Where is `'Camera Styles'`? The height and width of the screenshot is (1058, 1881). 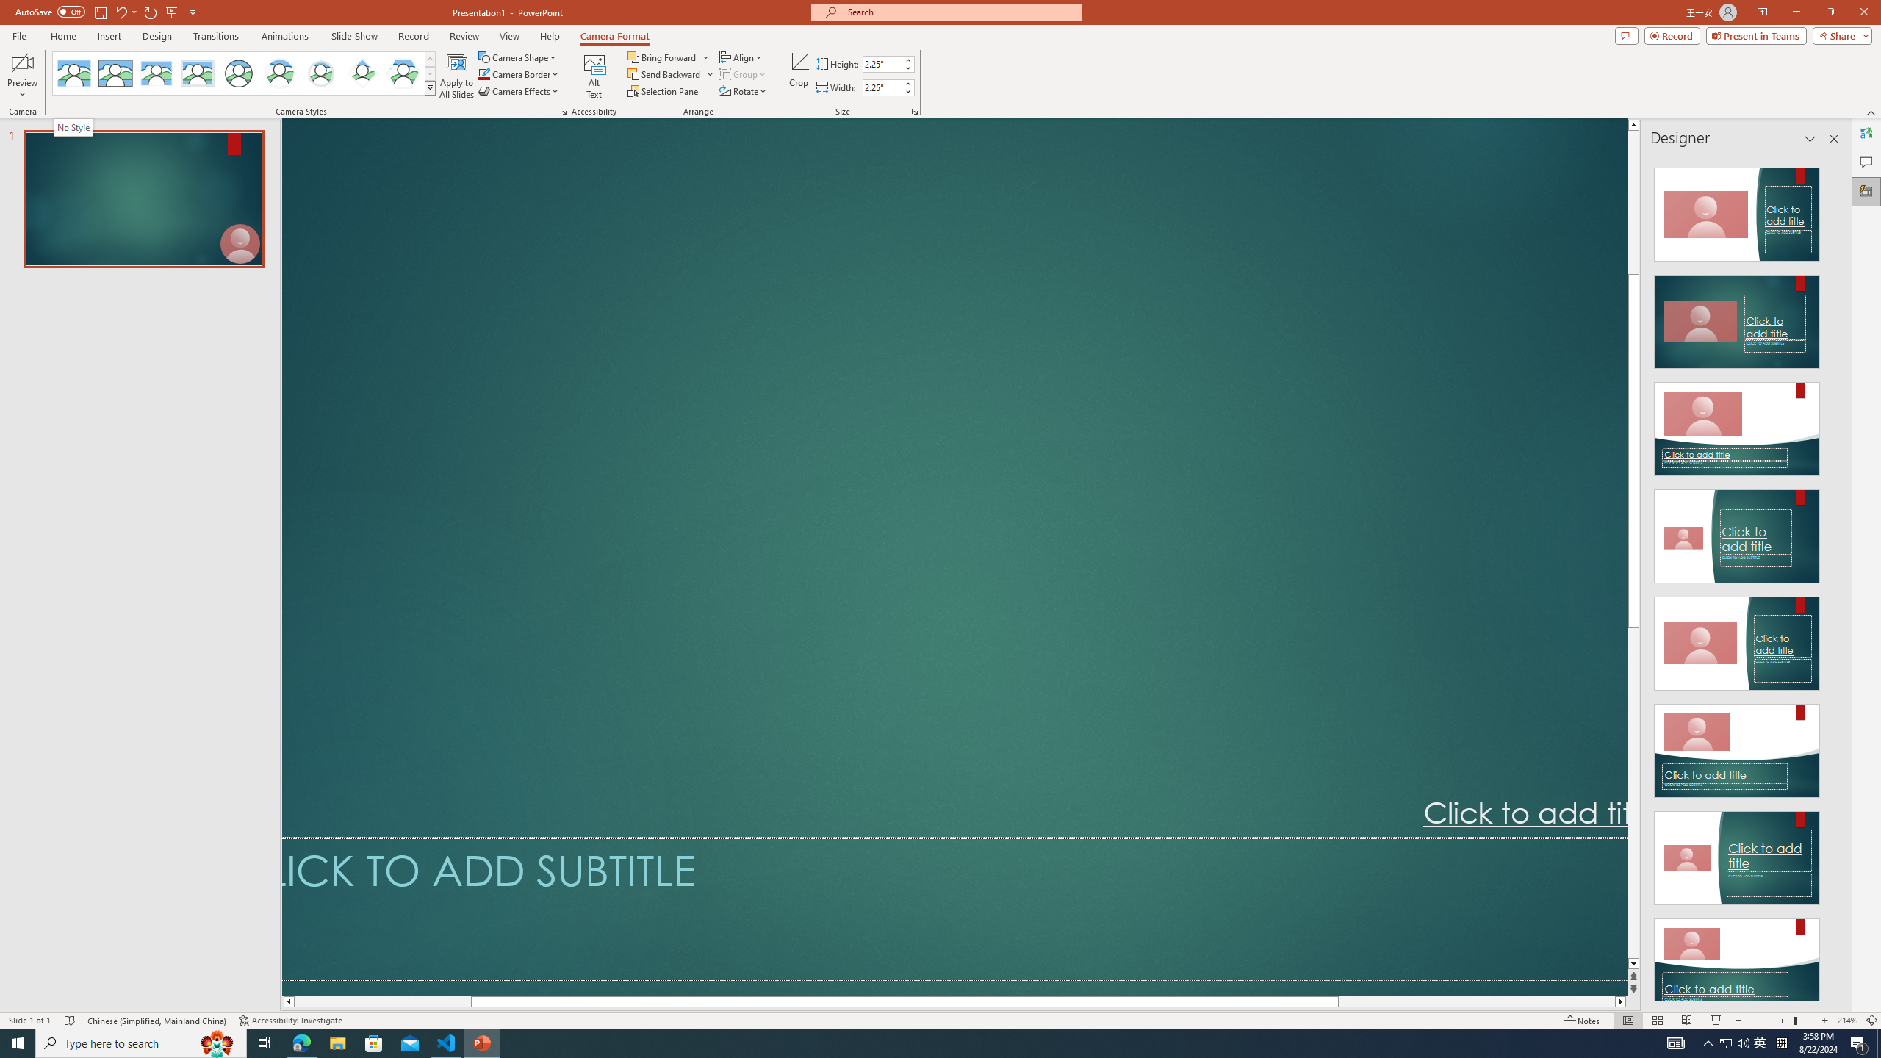 'Camera Styles' is located at coordinates (431, 87).